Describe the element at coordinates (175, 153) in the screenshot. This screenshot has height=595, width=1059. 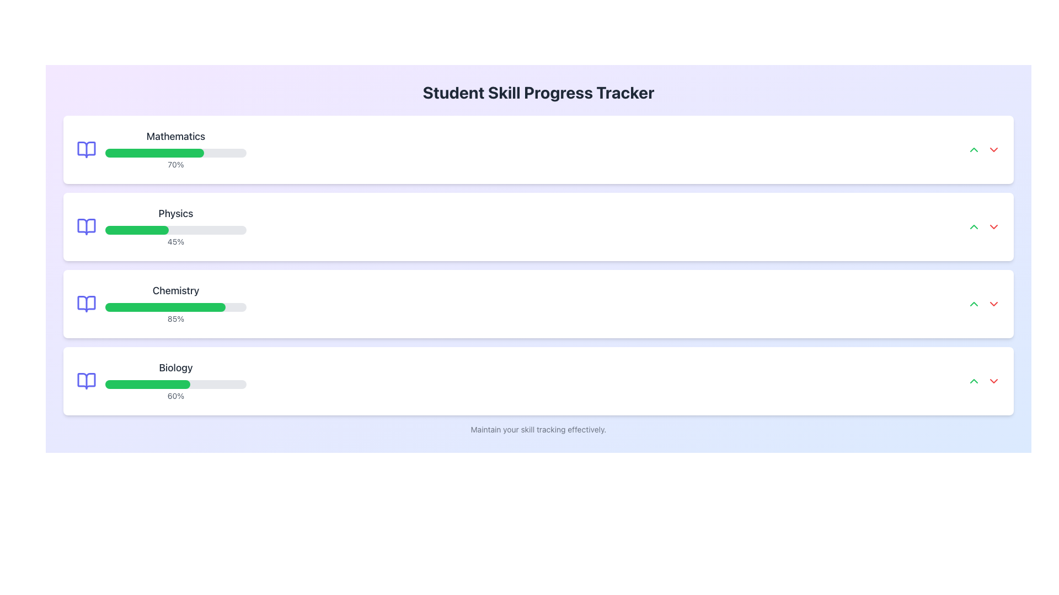
I see `the progress bar indicating 70% completion within the 'Mathematics' card` at that location.